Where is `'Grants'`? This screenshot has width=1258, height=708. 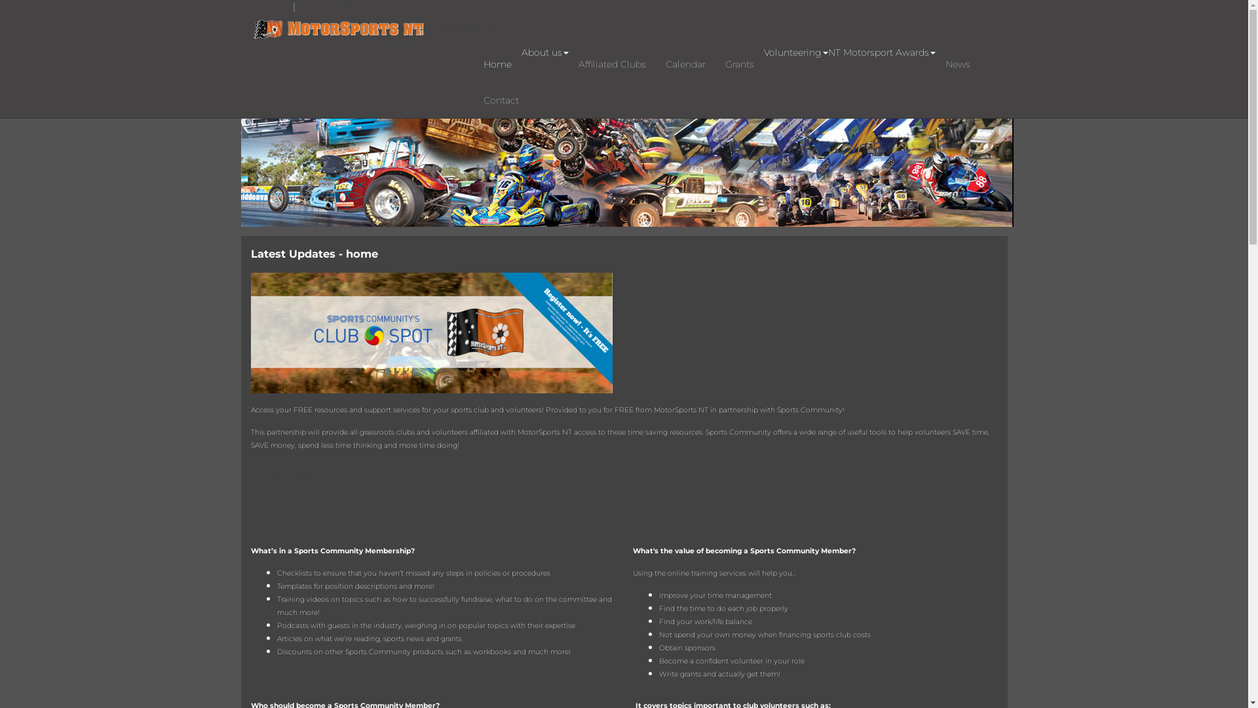
'Grants' is located at coordinates (739, 64).